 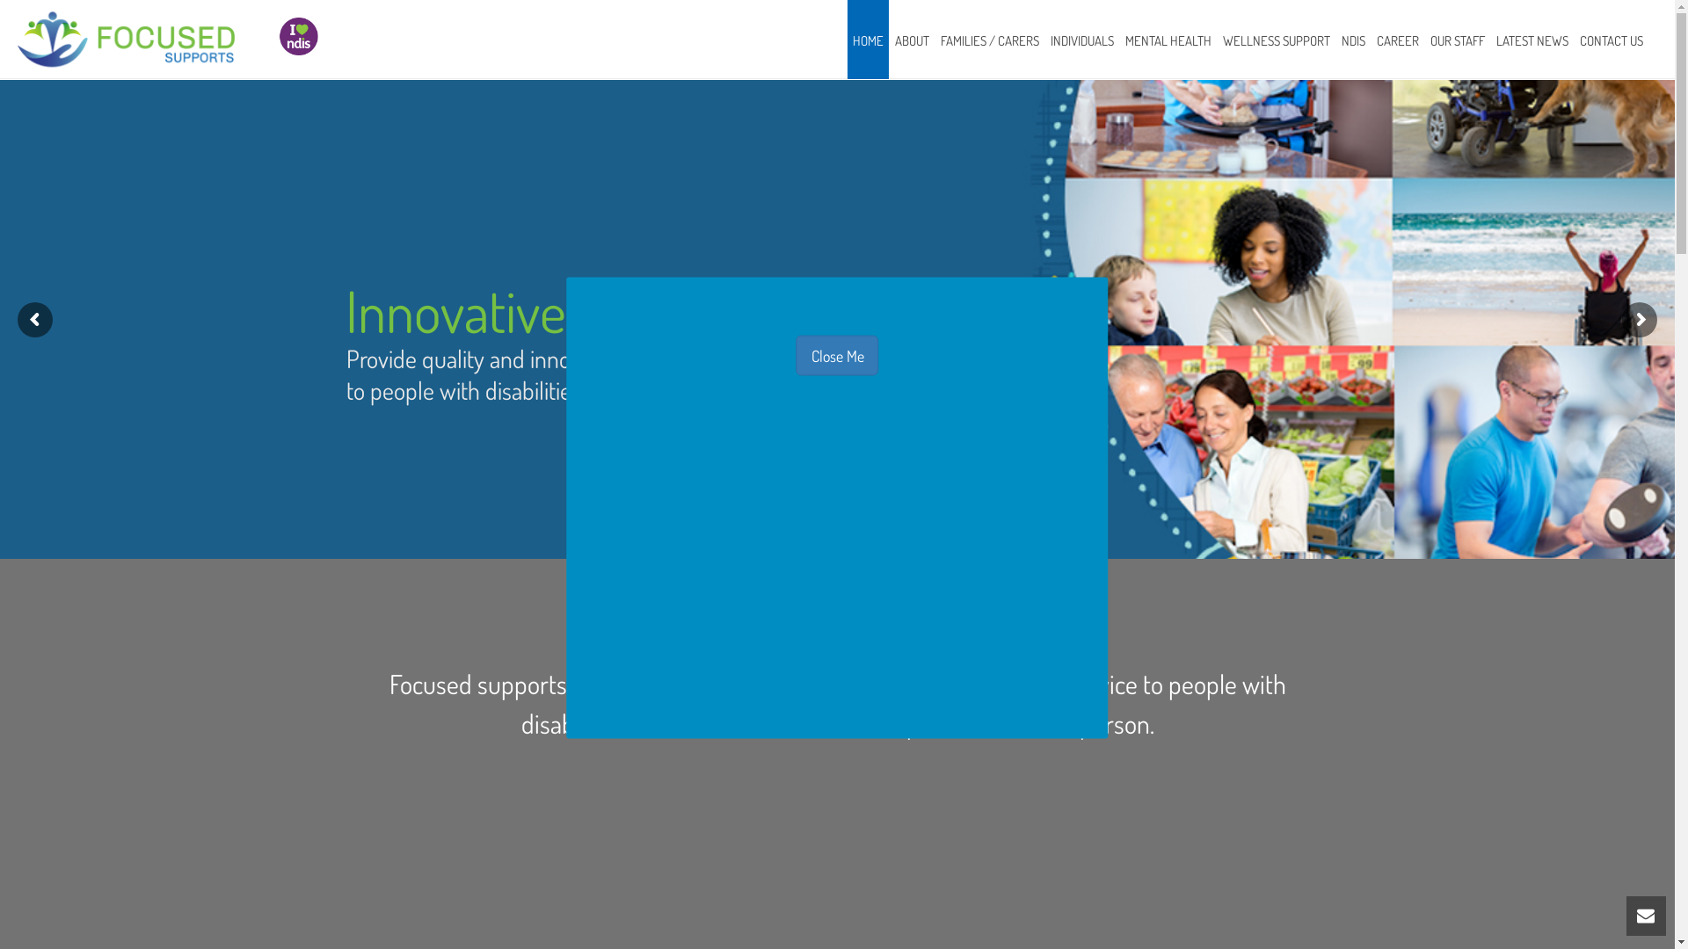 I want to click on 'CAREER', so click(x=1396, y=40).